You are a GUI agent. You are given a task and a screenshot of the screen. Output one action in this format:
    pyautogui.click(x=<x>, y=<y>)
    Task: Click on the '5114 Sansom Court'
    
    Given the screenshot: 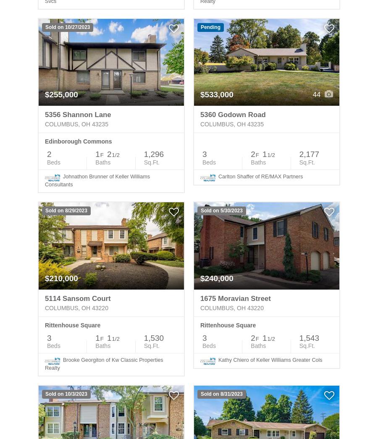 What is the action you would take?
    pyautogui.click(x=78, y=298)
    